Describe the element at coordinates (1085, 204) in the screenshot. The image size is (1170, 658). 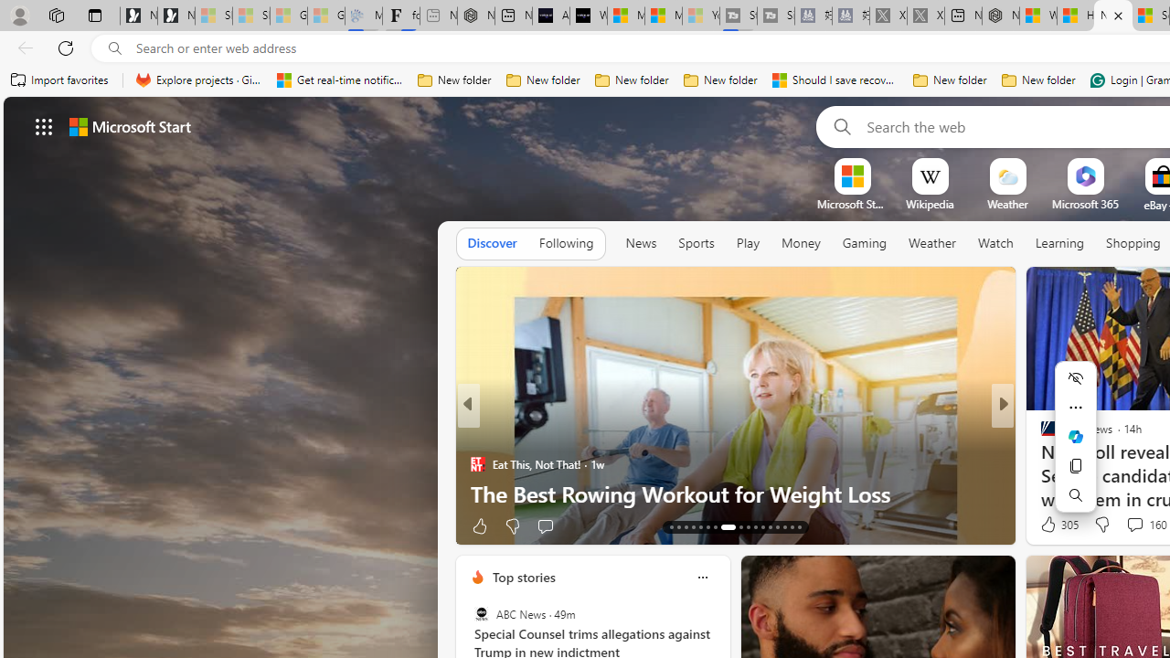
I see `'Microsoft 365'` at that location.